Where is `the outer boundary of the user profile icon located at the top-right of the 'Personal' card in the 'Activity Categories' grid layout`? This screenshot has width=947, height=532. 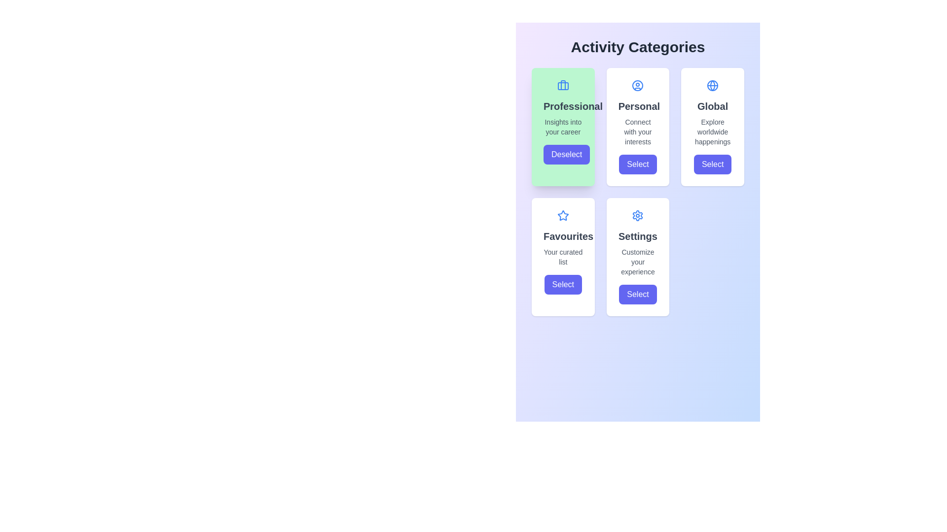
the outer boundary of the user profile icon located at the top-right of the 'Personal' card in the 'Activity Categories' grid layout is located at coordinates (638, 85).